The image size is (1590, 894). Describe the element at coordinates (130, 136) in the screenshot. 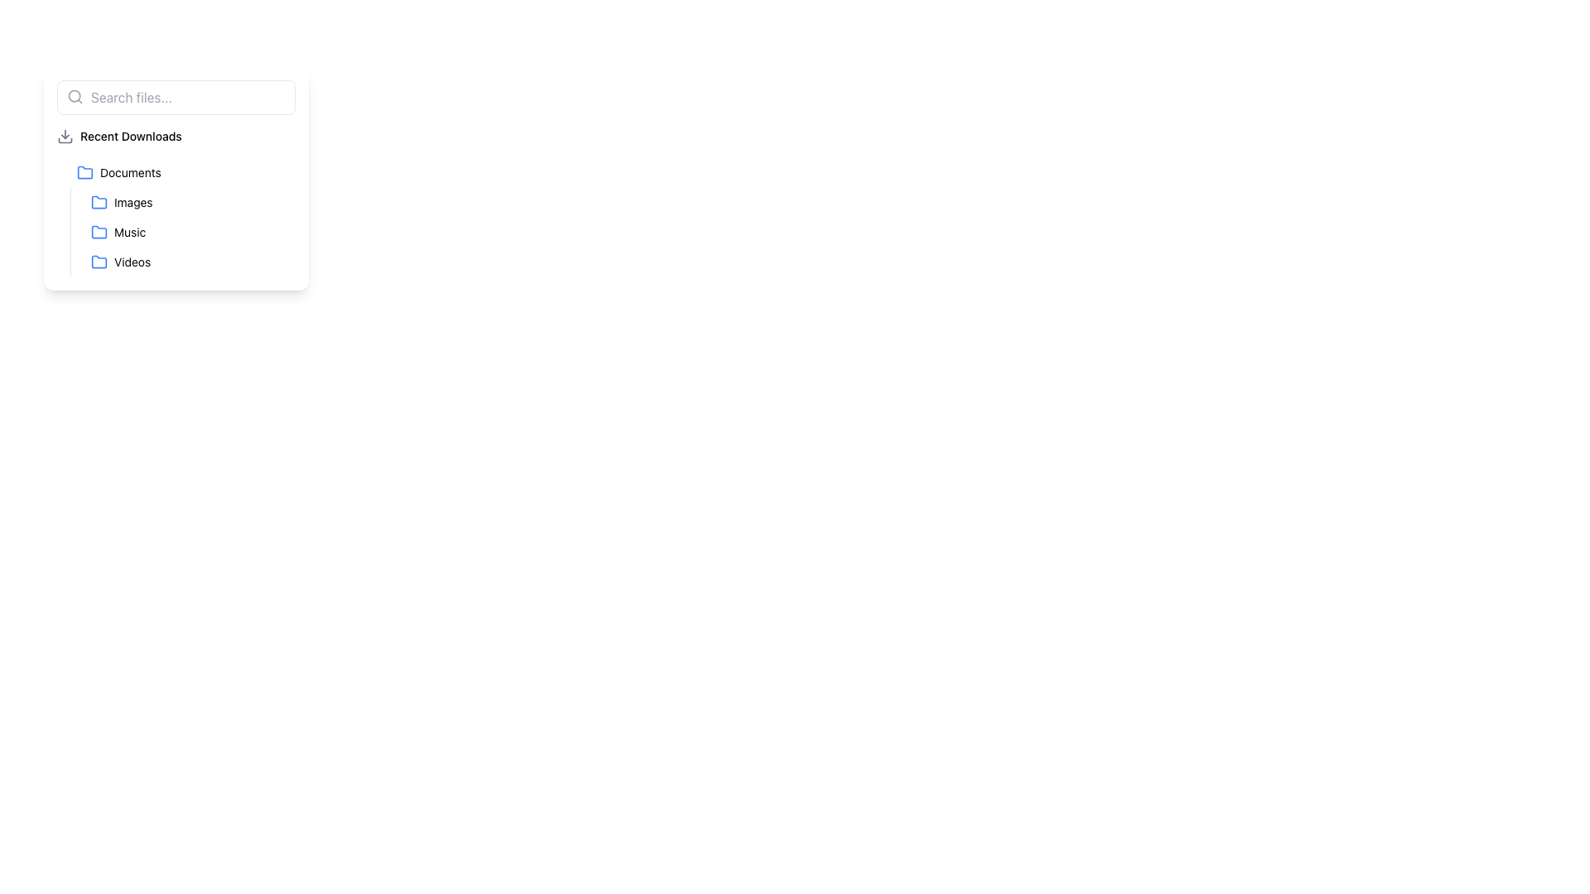

I see `the 'Recent Downloads' label` at that location.